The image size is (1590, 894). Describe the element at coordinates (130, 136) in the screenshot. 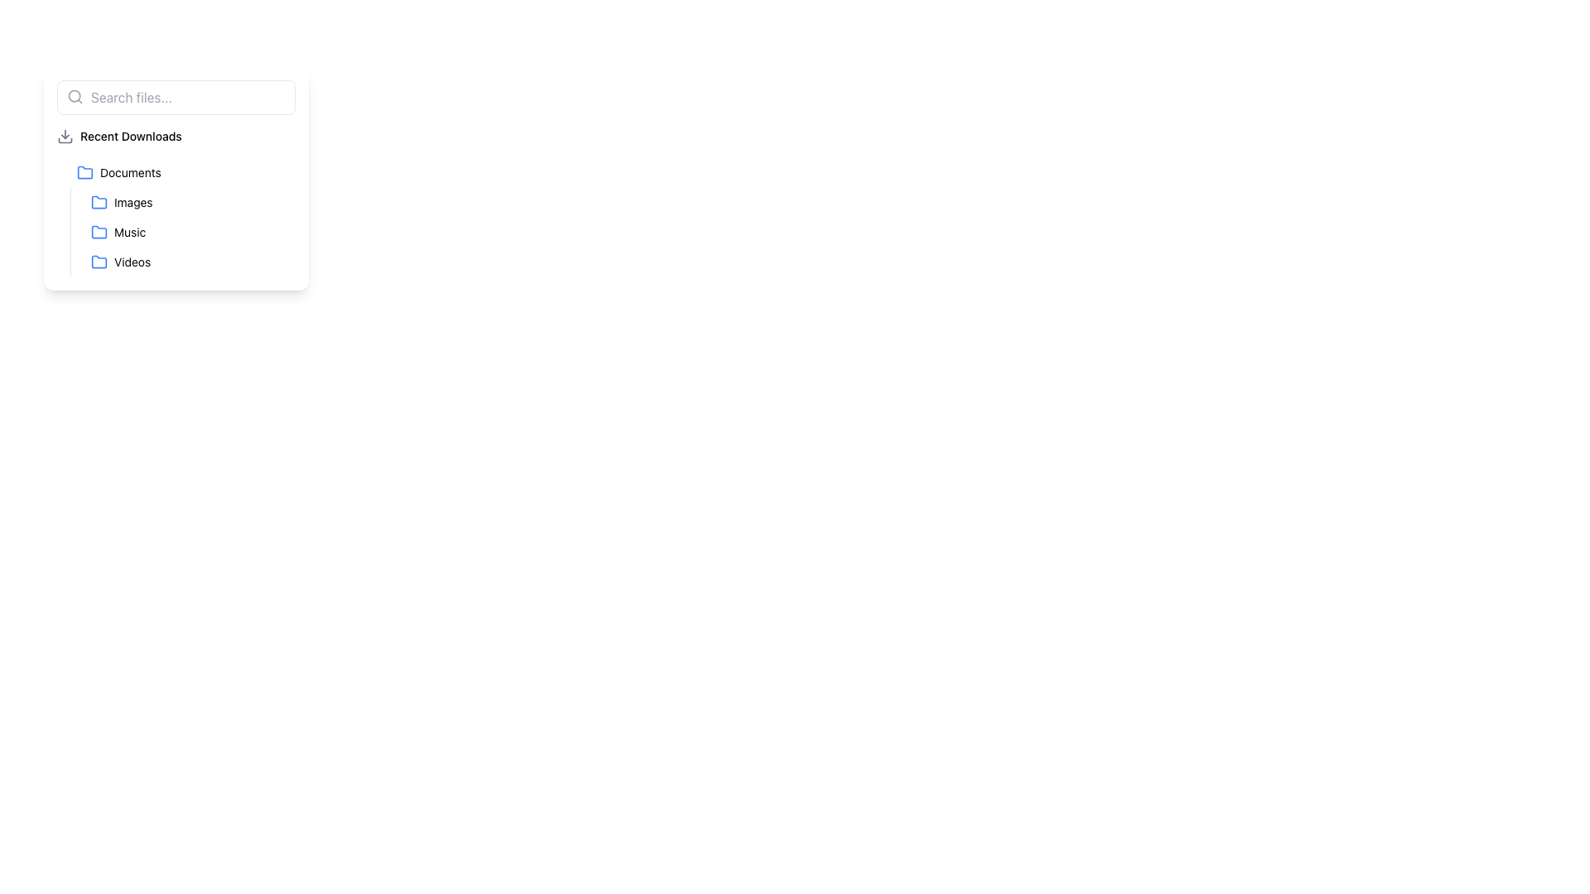

I see `the 'Recent Downloads' label` at that location.